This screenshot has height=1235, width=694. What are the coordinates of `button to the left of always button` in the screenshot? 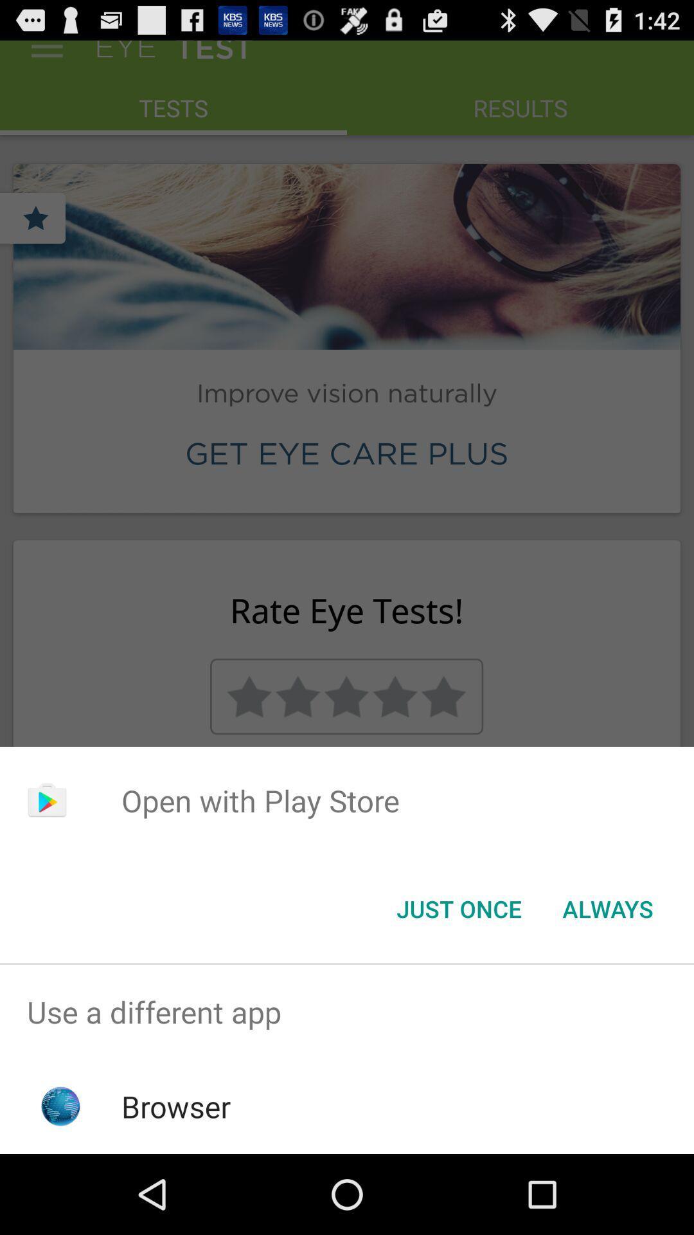 It's located at (458, 908).